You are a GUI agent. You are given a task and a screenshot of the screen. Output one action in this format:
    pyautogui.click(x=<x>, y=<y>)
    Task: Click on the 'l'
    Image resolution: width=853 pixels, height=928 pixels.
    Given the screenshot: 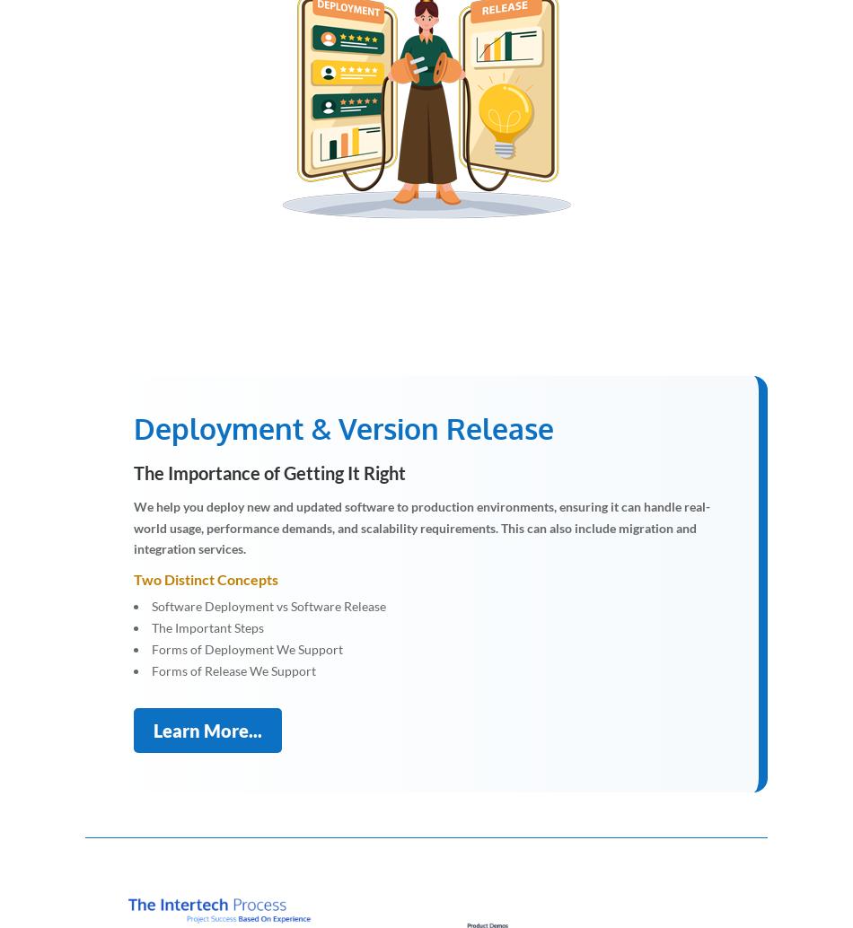 What is the action you would take?
    pyautogui.click(x=484, y=105)
    